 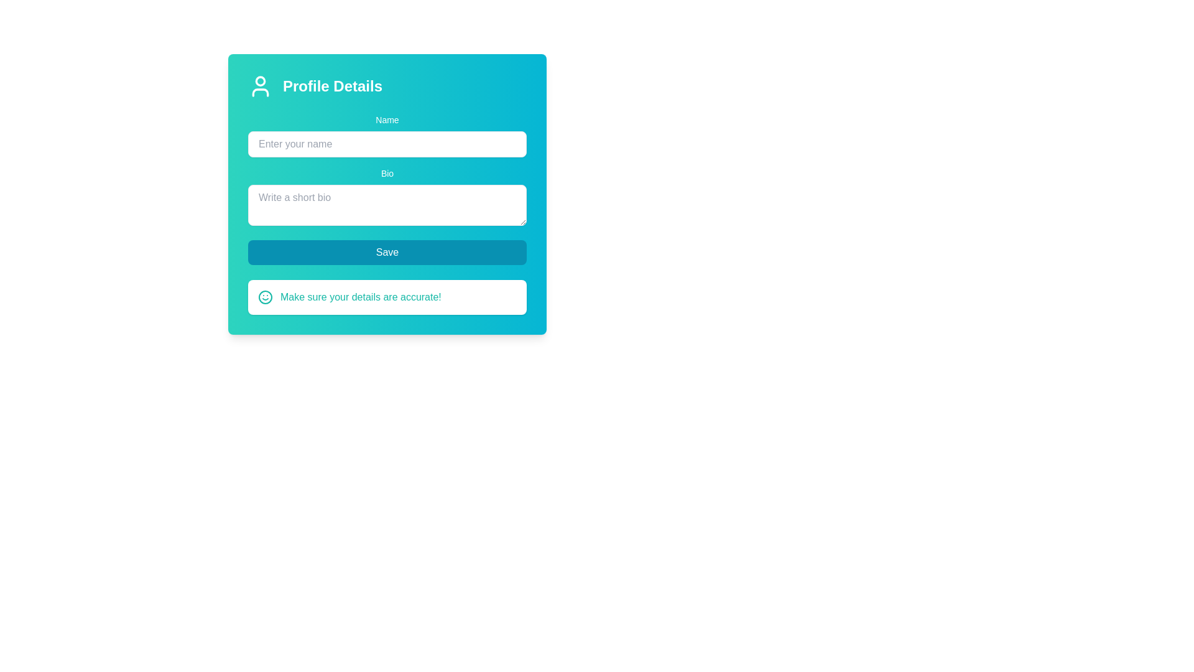 I want to click on the label with the text 'Bio', which is styled in a small, white font and is positioned above the text input field in a vertical form layout, so click(x=387, y=173).